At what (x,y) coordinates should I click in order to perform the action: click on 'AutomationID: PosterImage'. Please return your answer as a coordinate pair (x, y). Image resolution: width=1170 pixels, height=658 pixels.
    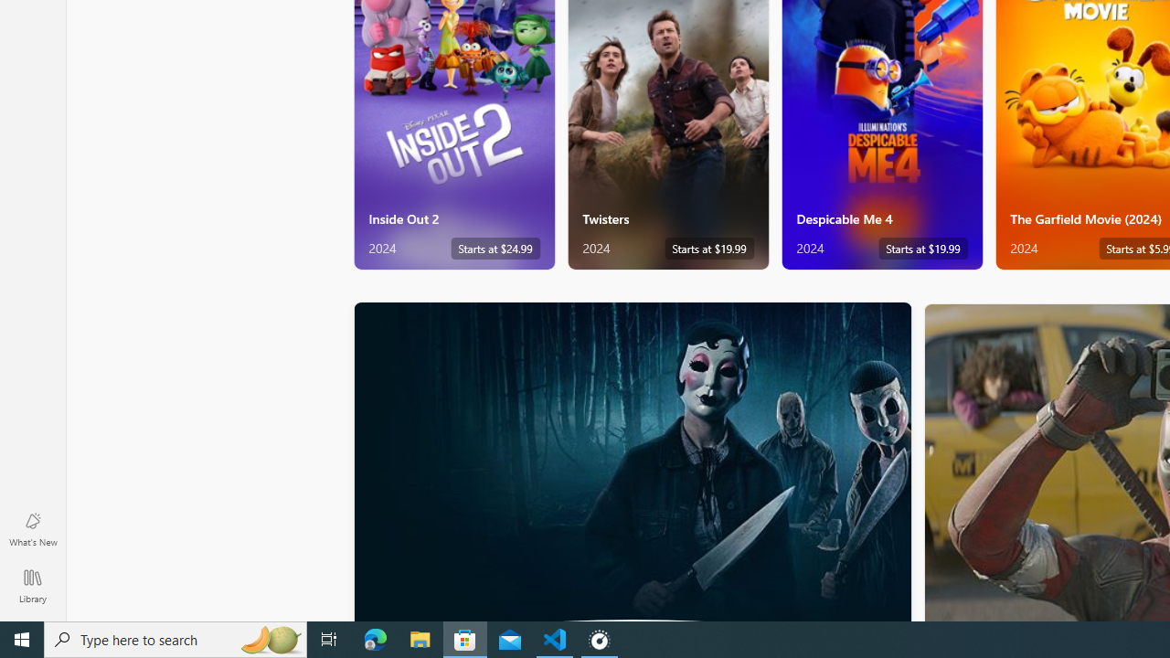
    Looking at the image, I should click on (632, 461).